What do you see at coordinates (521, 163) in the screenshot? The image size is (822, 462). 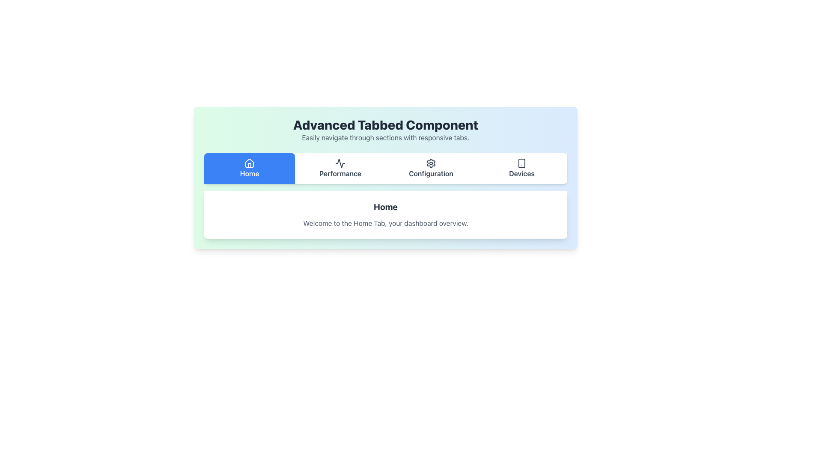 I see `the minimalist smartphone icon located in the top-right corner of the 'Devices' tab` at bounding box center [521, 163].